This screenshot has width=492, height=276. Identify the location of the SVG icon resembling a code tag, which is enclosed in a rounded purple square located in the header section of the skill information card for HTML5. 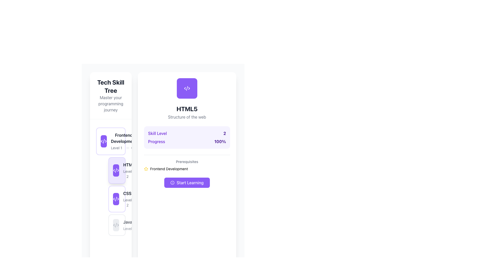
(187, 88).